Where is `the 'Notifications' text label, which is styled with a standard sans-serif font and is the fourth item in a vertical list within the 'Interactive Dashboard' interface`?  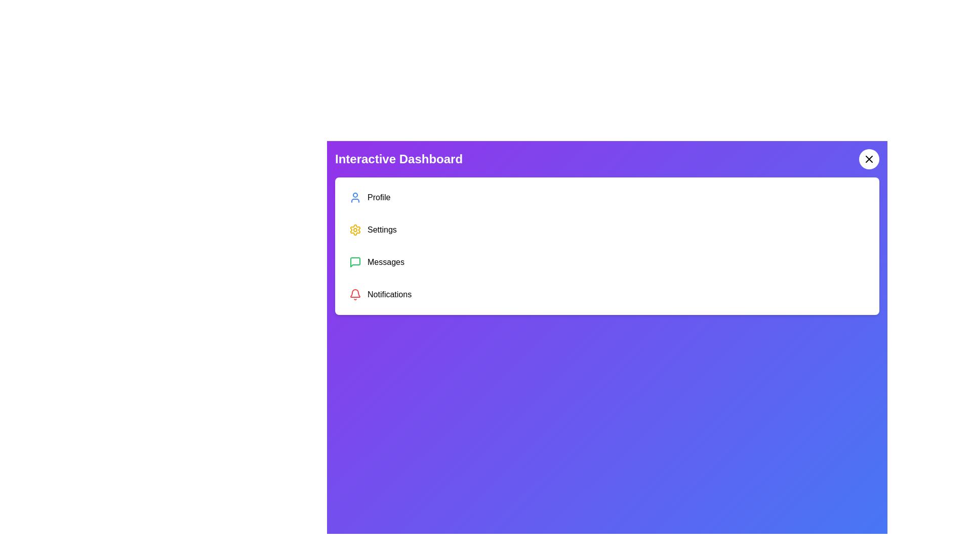 the 'Notifications' text label, which is styled with a standard sans-serif font and is the fourth item in a vertical list within the 'Interactive Dashboard' interface is located at coordinates (389, 294).